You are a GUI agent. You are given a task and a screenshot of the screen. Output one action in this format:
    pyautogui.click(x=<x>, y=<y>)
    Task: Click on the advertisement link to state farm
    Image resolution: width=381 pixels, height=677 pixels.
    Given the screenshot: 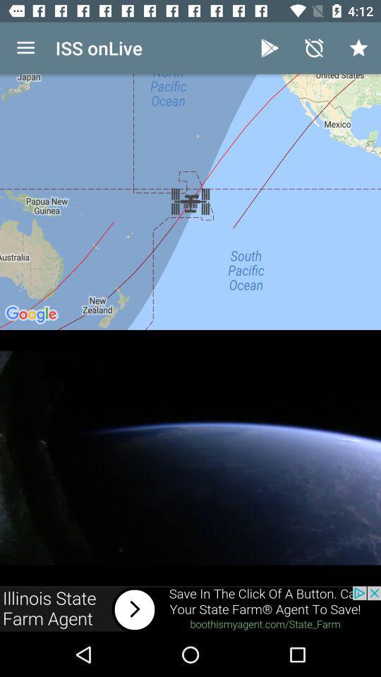 What is the action you would take?
    pyautogui.click(x=190, y=609)
    